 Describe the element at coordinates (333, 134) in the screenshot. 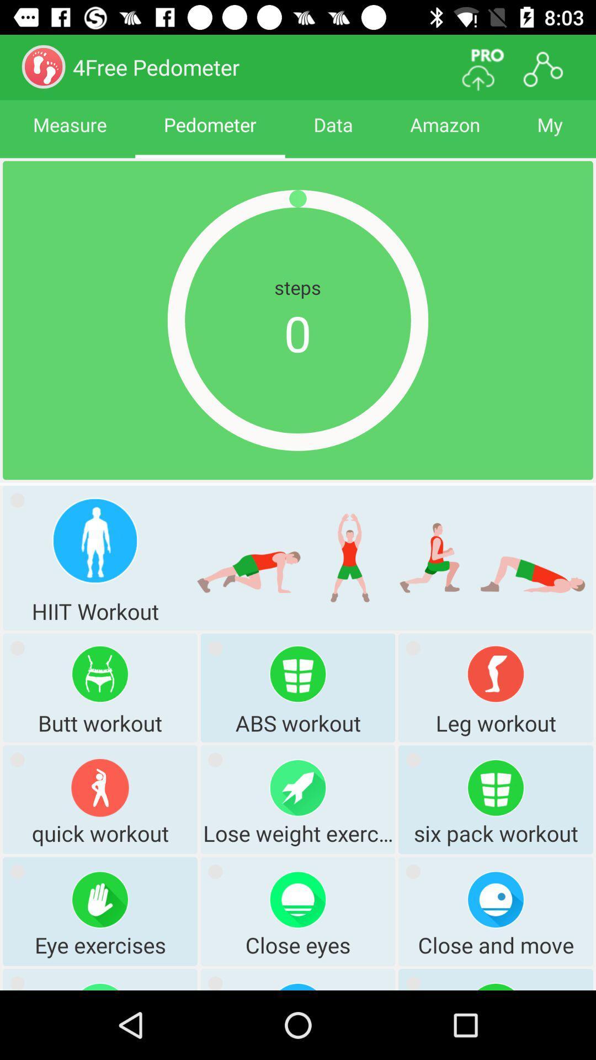

I see `the item next to the amazon` at that location.